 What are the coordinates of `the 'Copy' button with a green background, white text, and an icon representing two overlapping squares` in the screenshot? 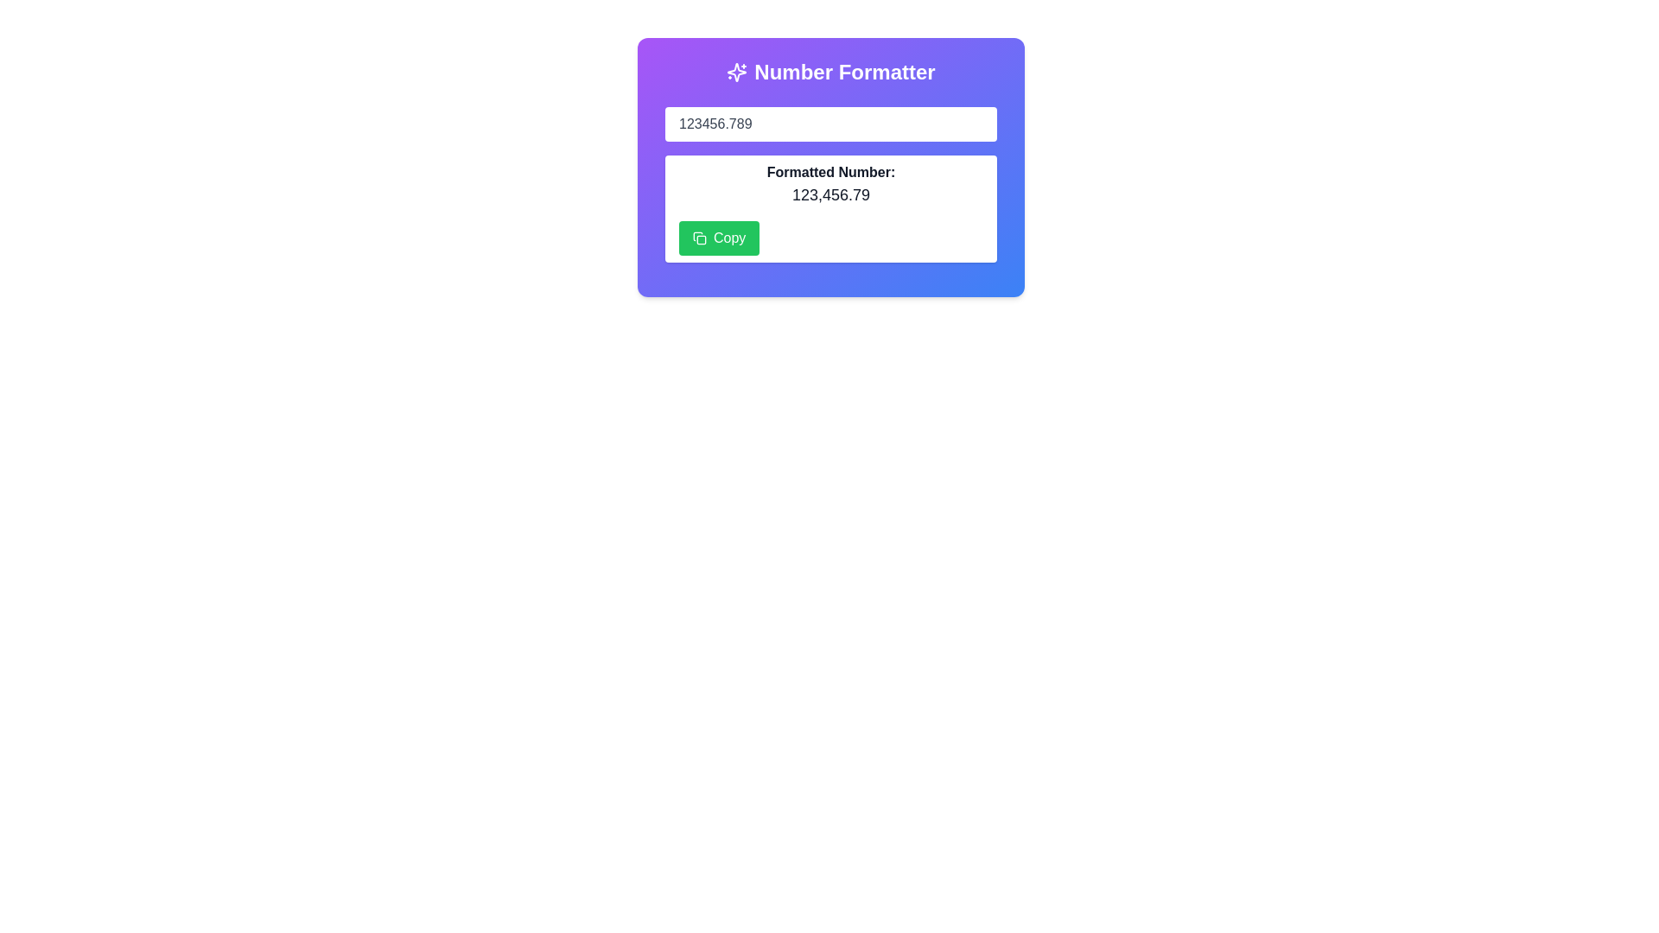 It's located at (719, 238).